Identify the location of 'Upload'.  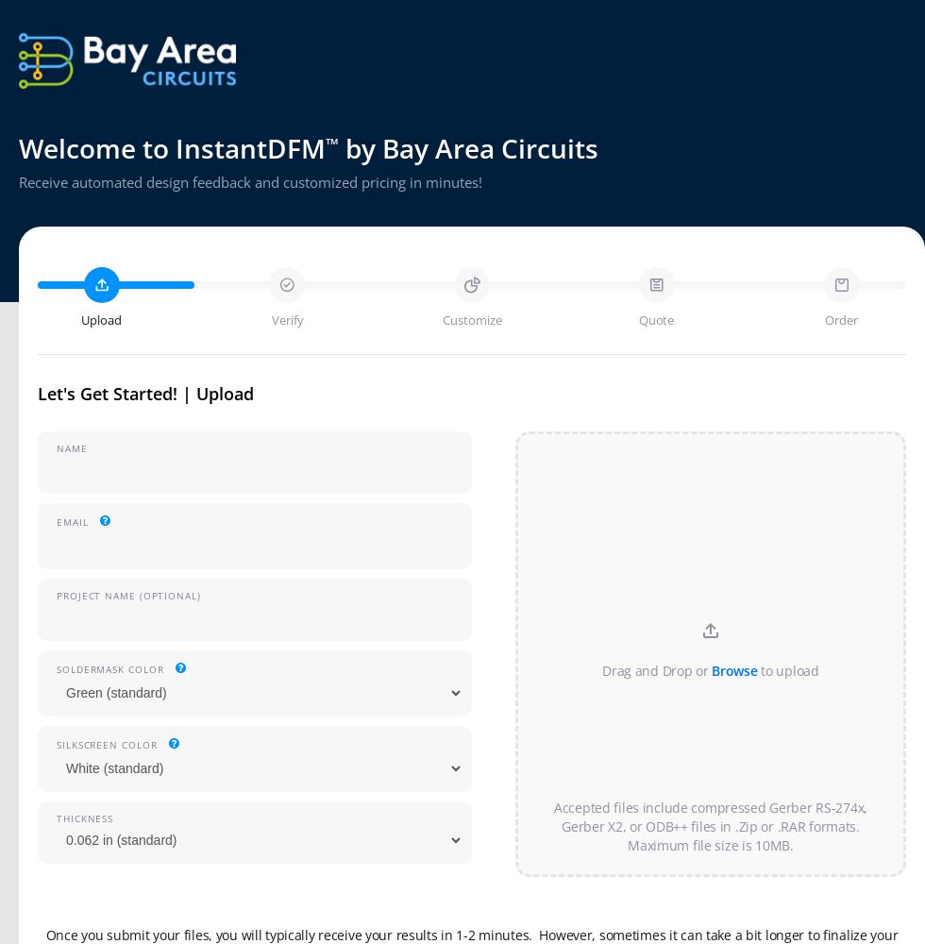
(101, 318).